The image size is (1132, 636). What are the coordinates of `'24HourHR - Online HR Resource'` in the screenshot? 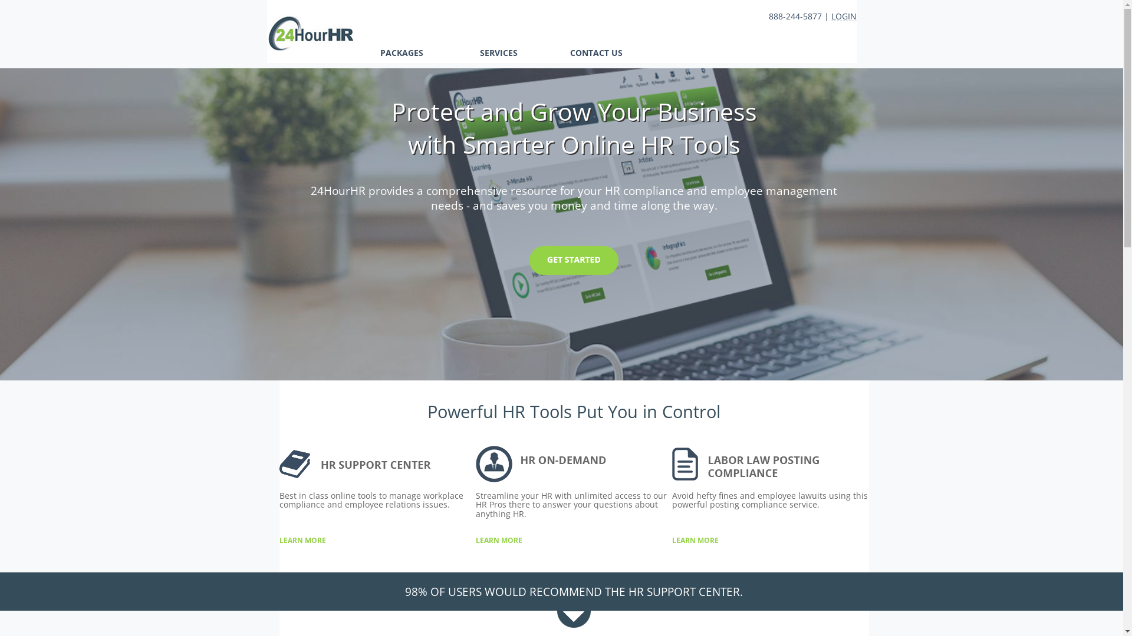 It's located at (309, 47).